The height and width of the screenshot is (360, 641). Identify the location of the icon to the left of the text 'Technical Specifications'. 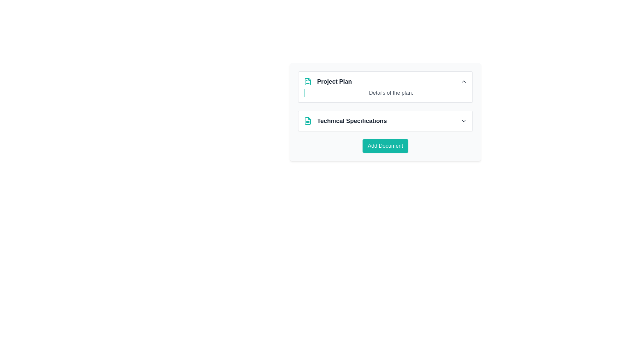
(307, 121).